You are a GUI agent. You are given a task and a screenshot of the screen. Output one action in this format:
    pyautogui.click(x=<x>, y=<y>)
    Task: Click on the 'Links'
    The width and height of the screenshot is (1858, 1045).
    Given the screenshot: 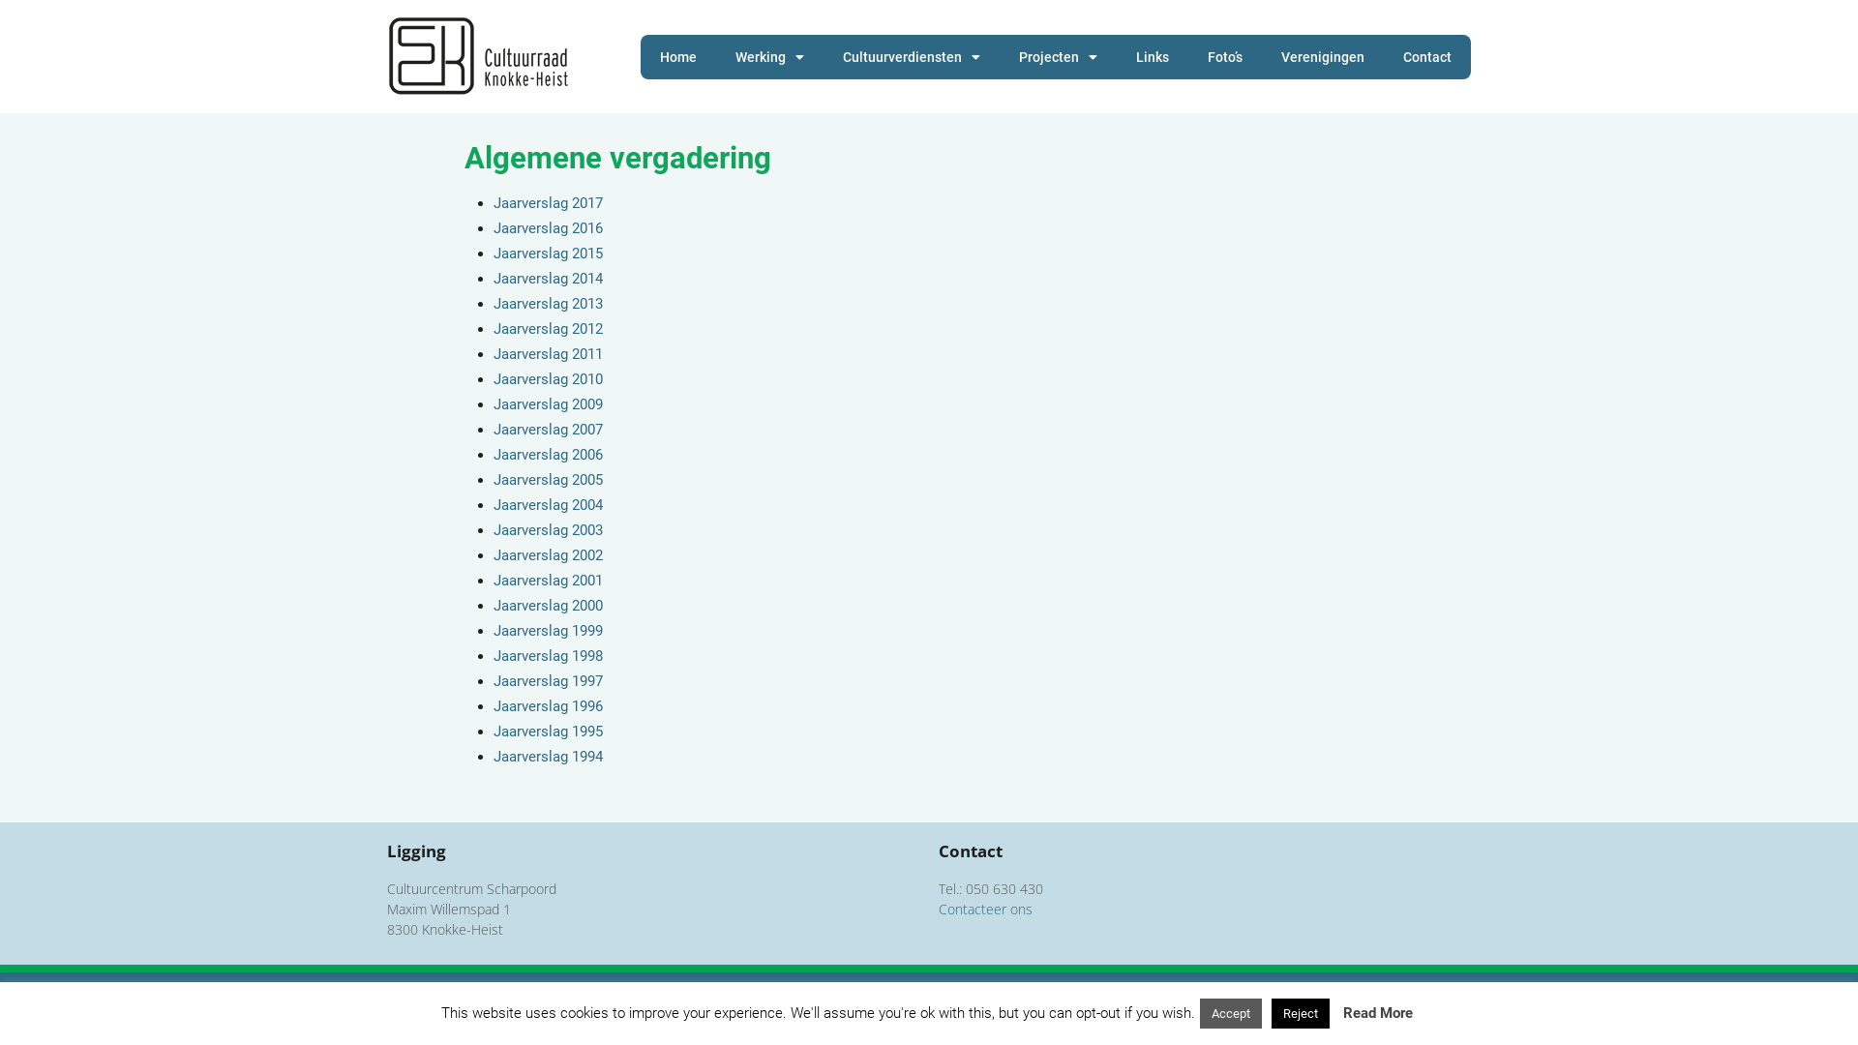 What is the action you would take?
    pyautogui.click(x=1152, y=55)
    